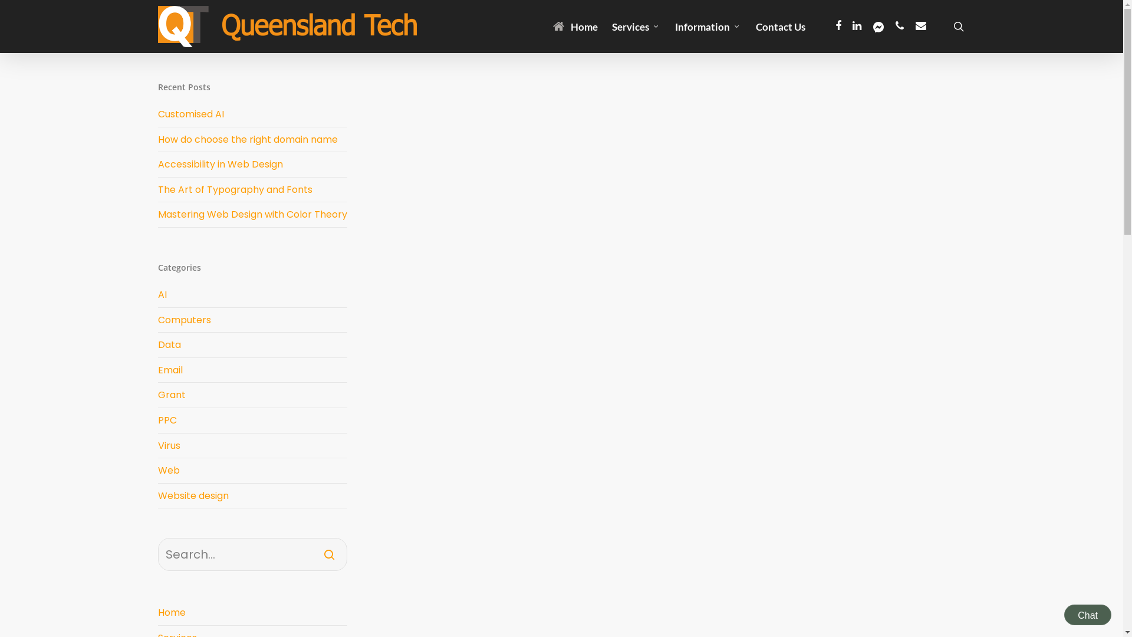 Image resolution: width=1132 pixels, height=637 pixels. Describe the element at coordinates (959, 27) in the screenshot. I see `'search'` at that location.